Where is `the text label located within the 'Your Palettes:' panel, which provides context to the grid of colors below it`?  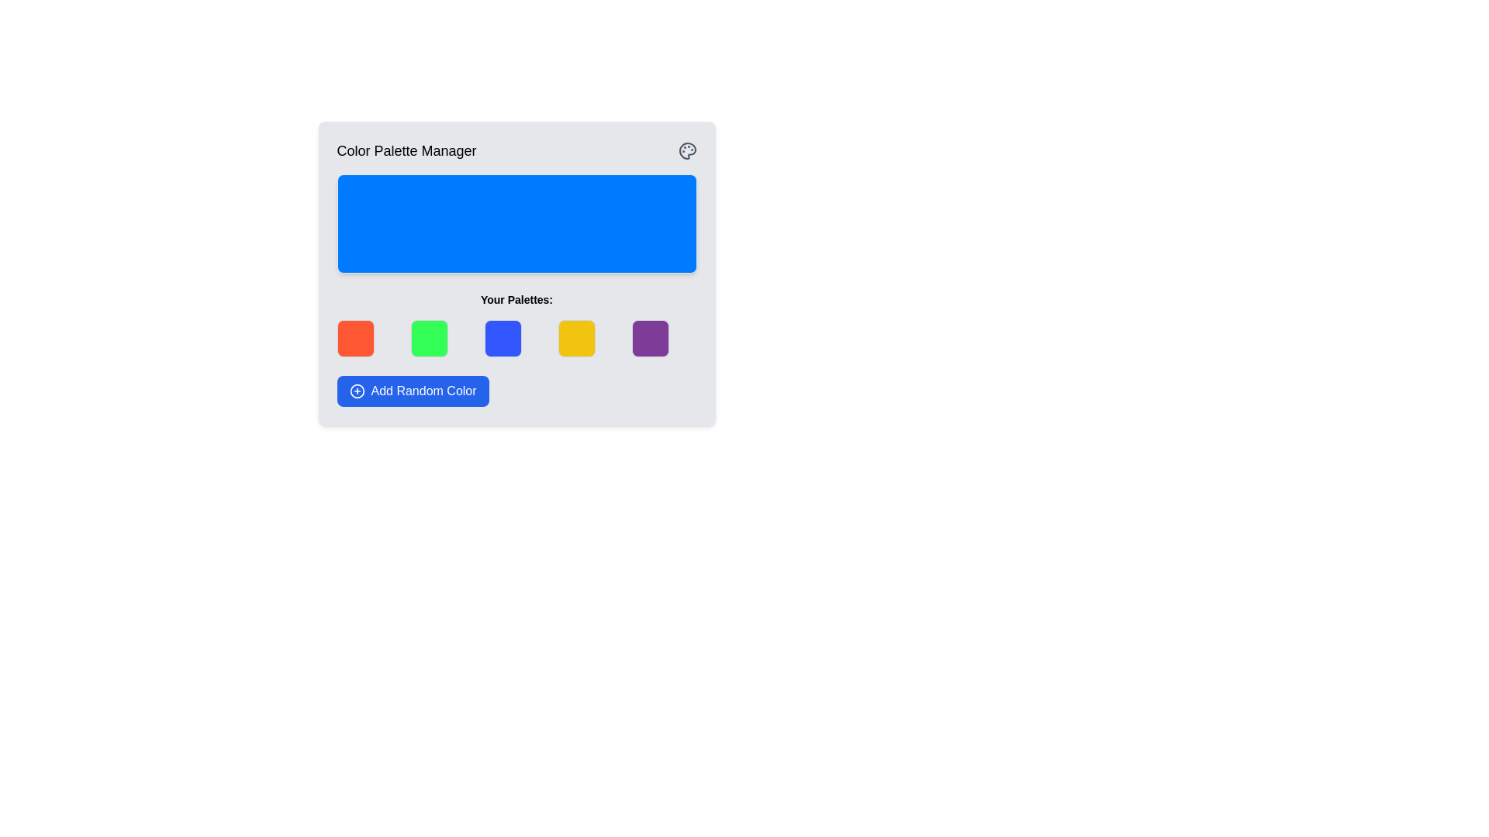
the text label located within the 'Your Palettes:' panel, which provides context to the grid of colors below it is located at coordinates (516, 299).